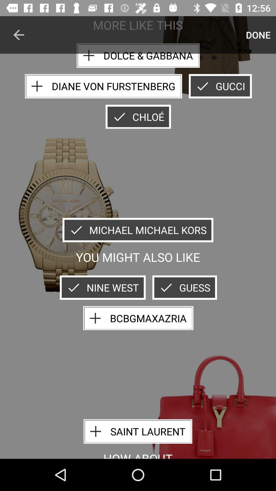 This screenshot has height=491, width=276. I want to click on the icon next to the dolce & gabbana icon, so click(258, 35).